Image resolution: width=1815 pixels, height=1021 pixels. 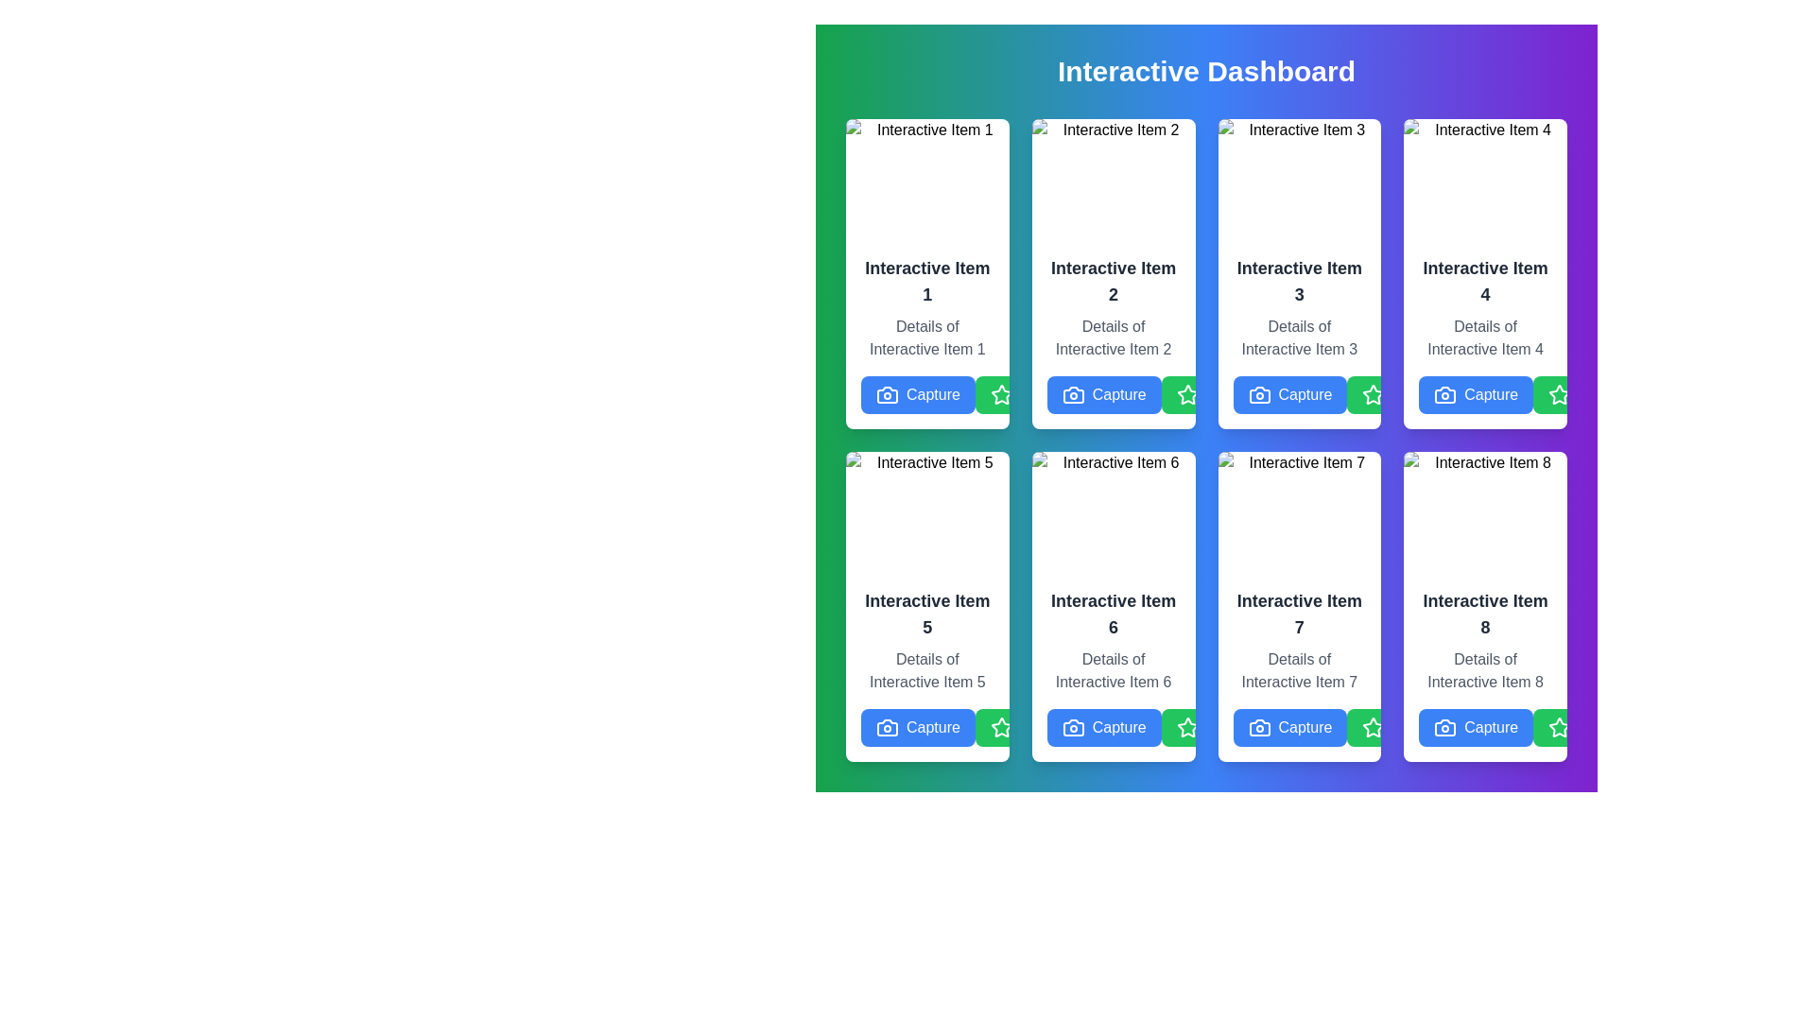 I want to click on the text label displaying 'Interactive Item 8' in bold dark gray, positioned at the center-top of a card in the last column, second row of the grid layout, so click(x=1484, y=614).